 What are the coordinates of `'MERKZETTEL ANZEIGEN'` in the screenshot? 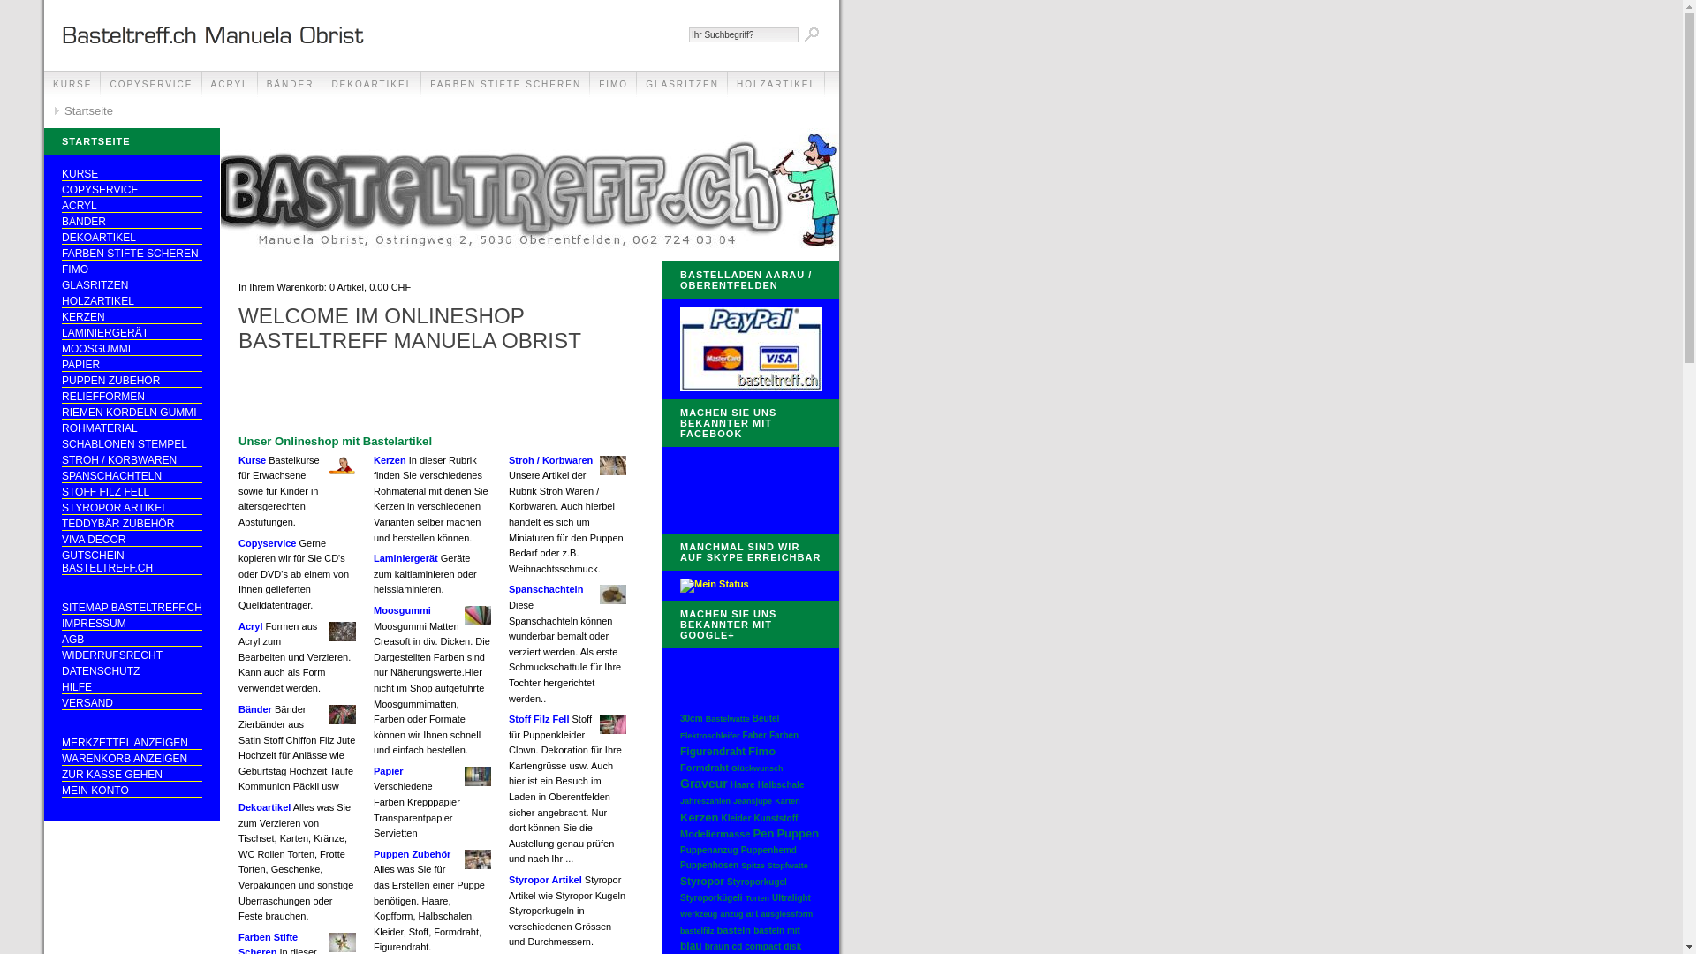 It's located at (62, 743).